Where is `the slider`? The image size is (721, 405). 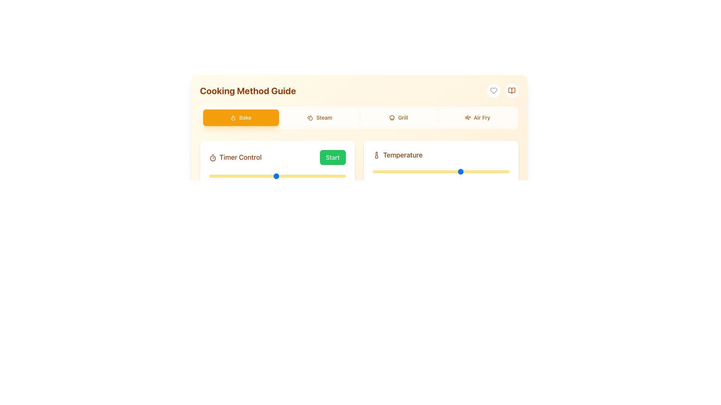 the slider is located at coordinates (504, 172).